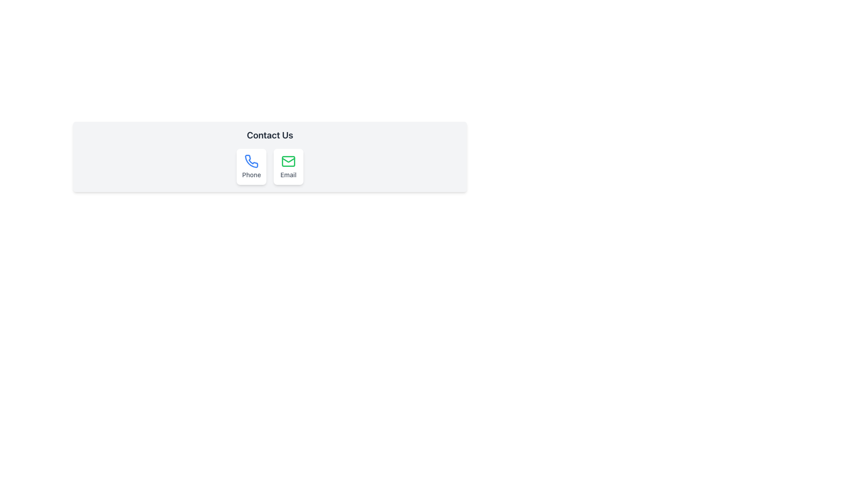 The width and height of the screenshot is (867, 487). What do you see at coordinates (252, 161) in the screenshot?
I see `the phone contact icon located below the 'Contact Us' heading, which is the left icon above the 'Phone' label and adjacent to the email icon` at bounding box center [252, 161].